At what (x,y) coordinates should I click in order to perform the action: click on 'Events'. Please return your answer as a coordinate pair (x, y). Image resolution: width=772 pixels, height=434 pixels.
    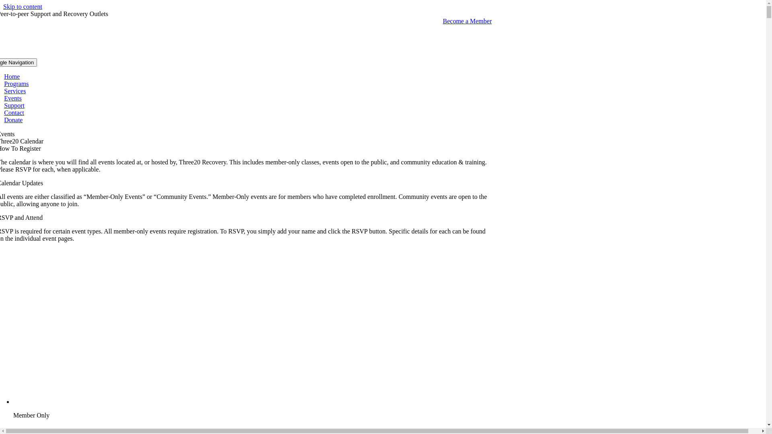
    Looking at the image, I should click on (13, 98).